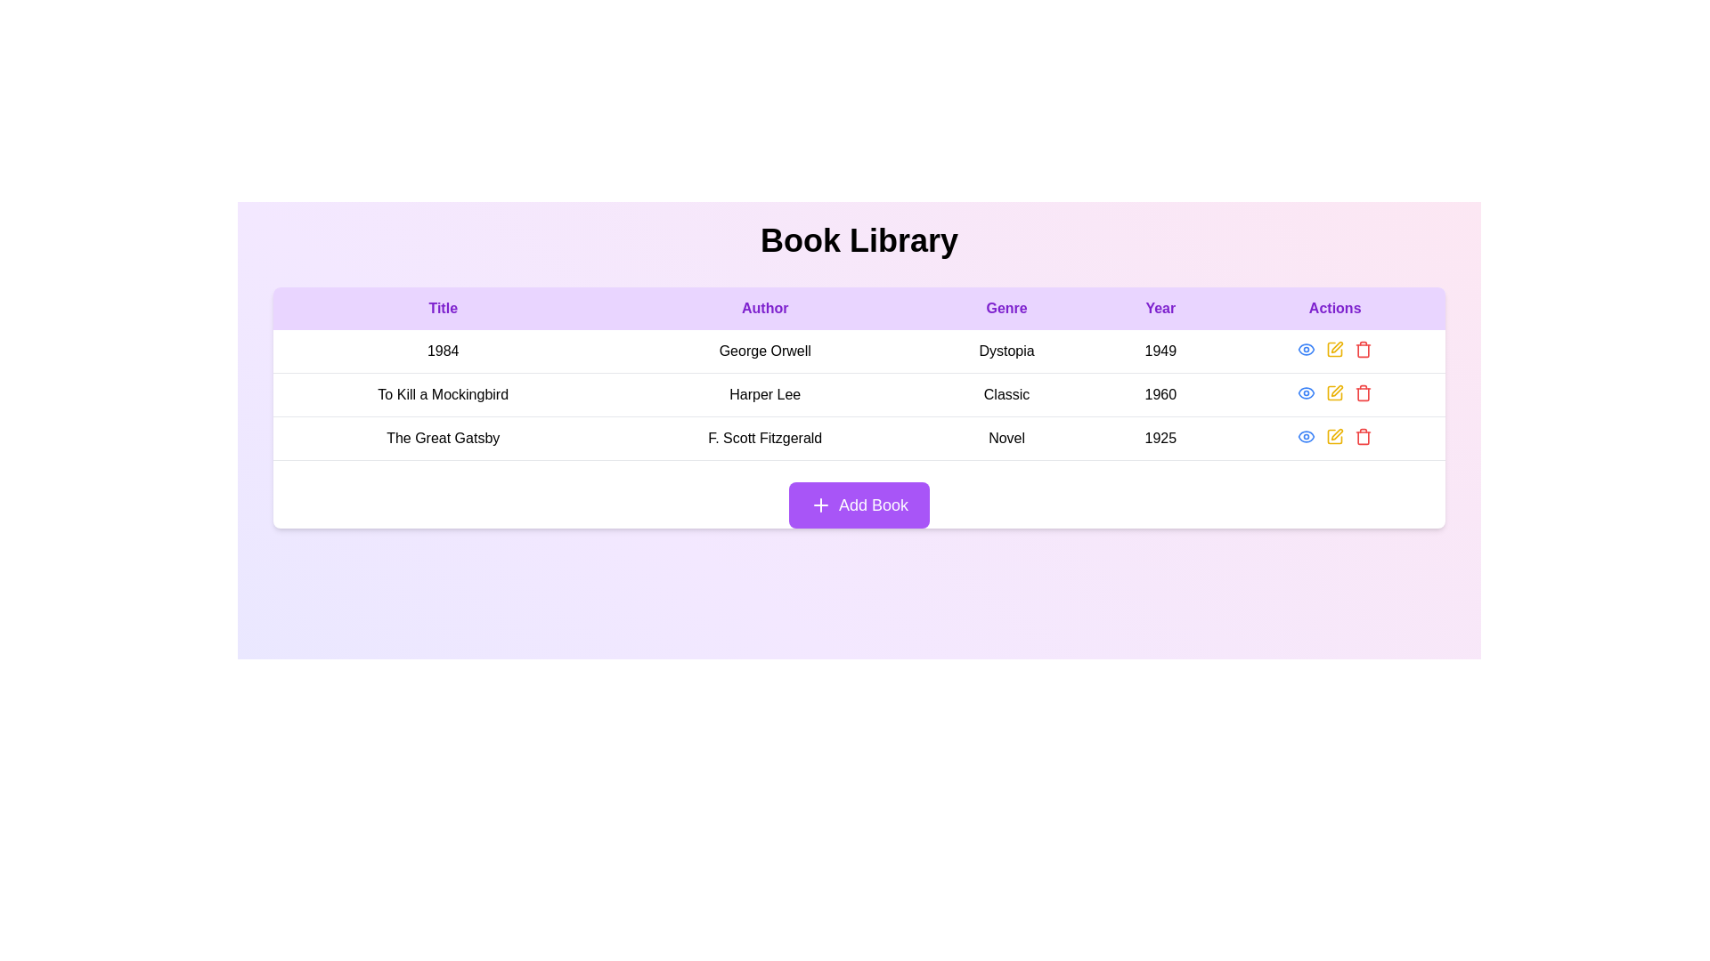 This screenshot has width=1710, height=961. I want to click on the Text label indicating the genre of the book in the third row of the table, located between 'F. Scott Fitzgerald' and '1925', so click(1006, 439).